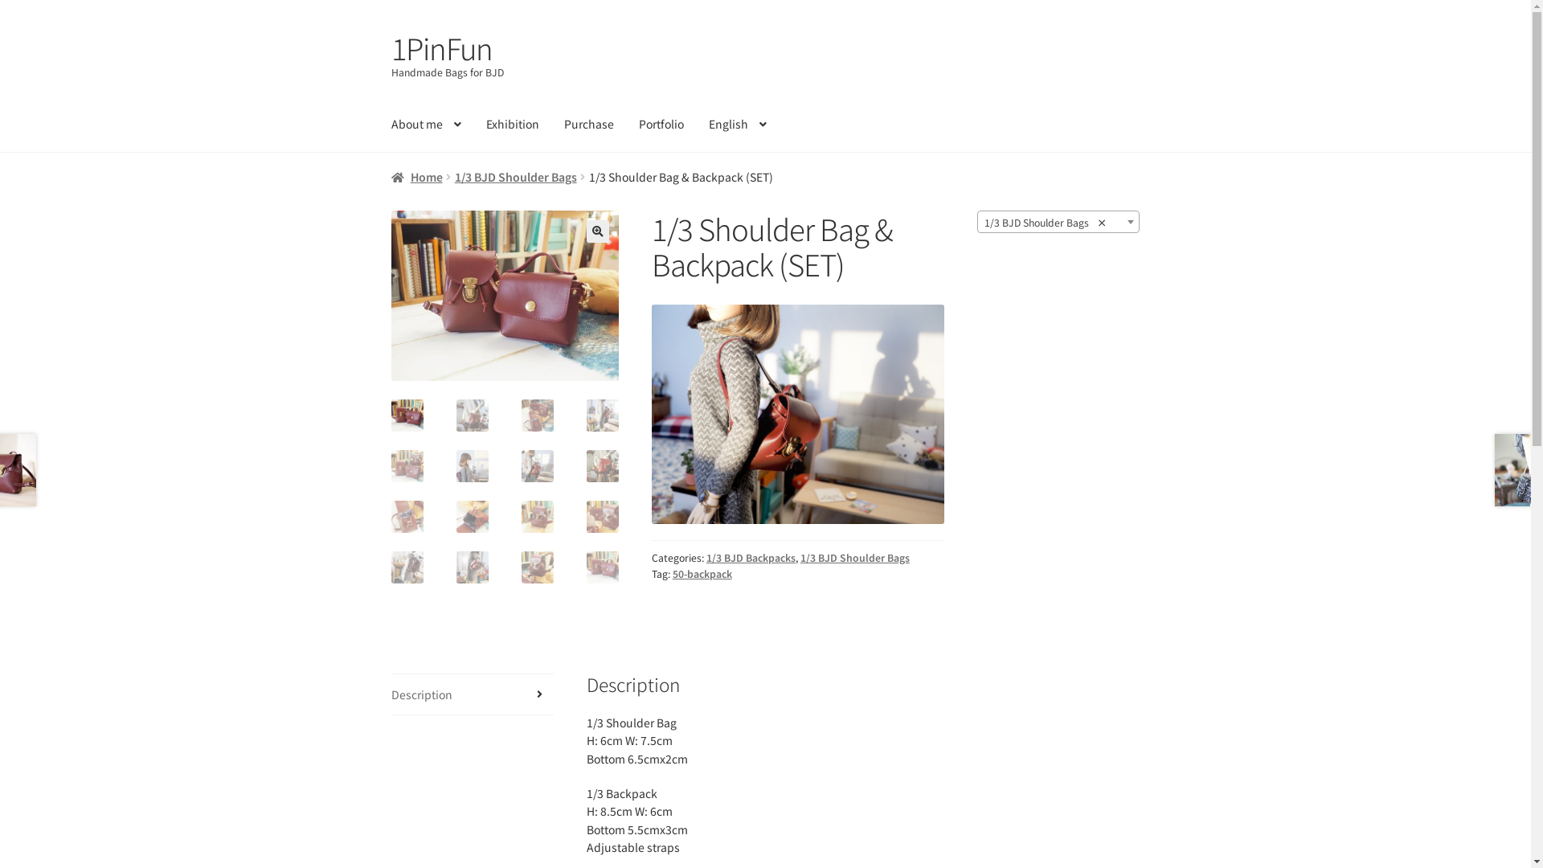 This screenshot has width=1543, height=868. What do you see at coordinates (504, 295) in the screenshot?
I see `'OLYMPUS DIGITAL CAMERA'` at bounding box center [504, 295].